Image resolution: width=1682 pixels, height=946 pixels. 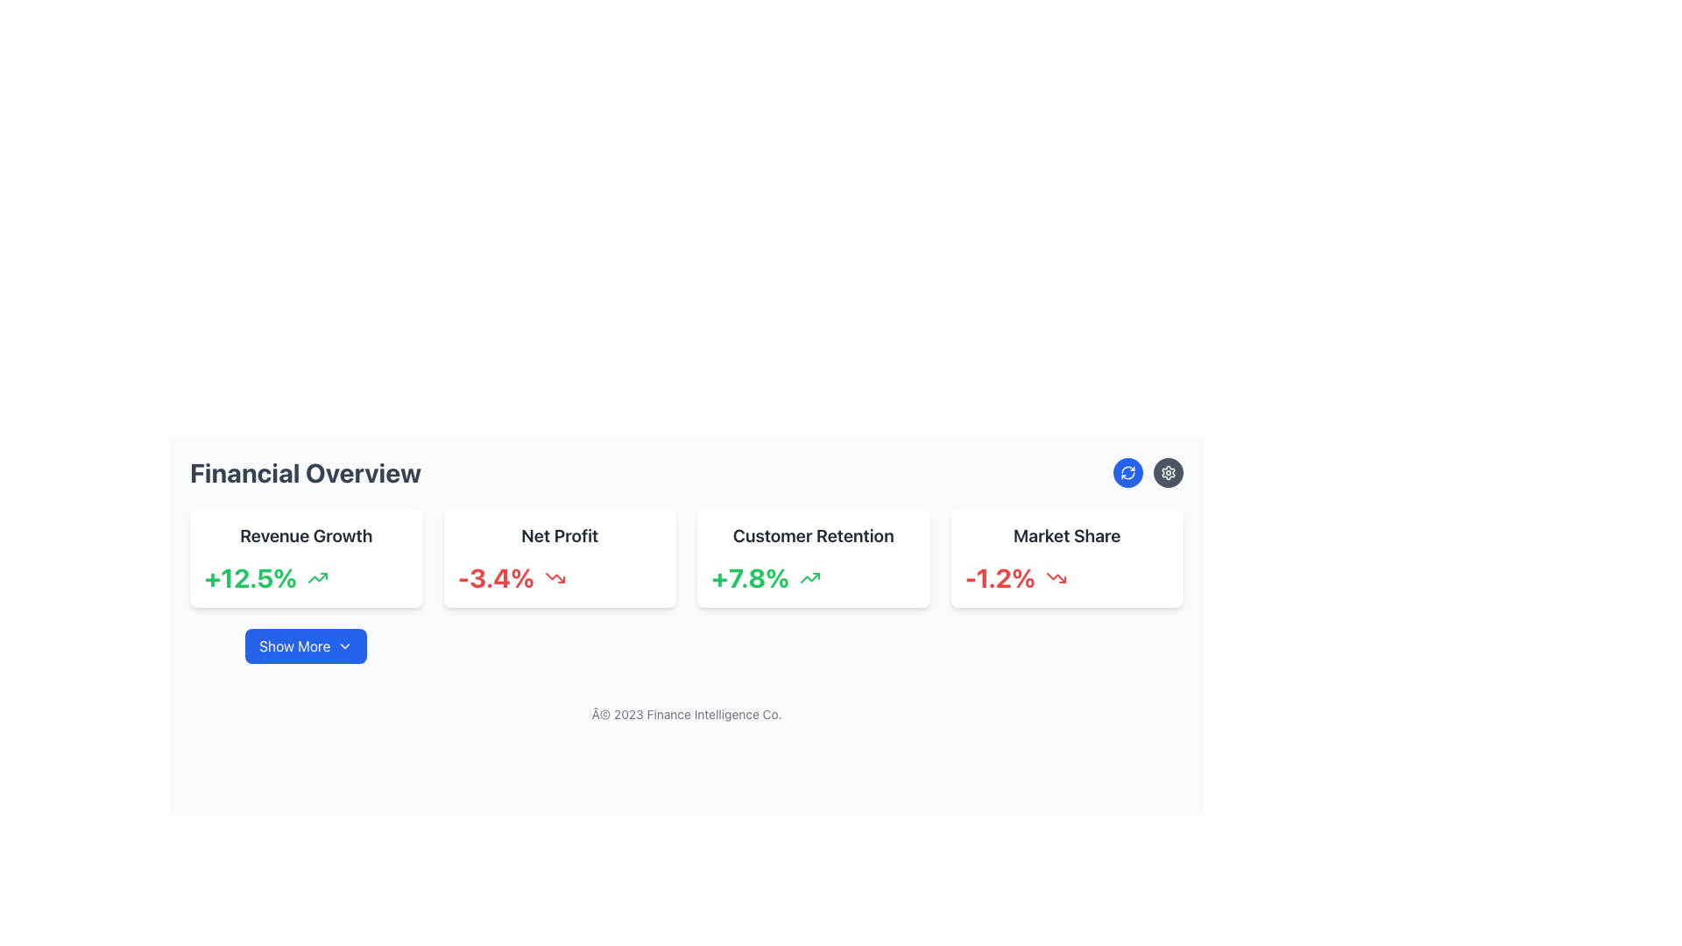 What do you see at coordinates (318, 577) in the screenshot?
I see `the green upward trending arrow icon within the SVG, located near the 'Revenue Growth' card` at bounding box center [318, 577].